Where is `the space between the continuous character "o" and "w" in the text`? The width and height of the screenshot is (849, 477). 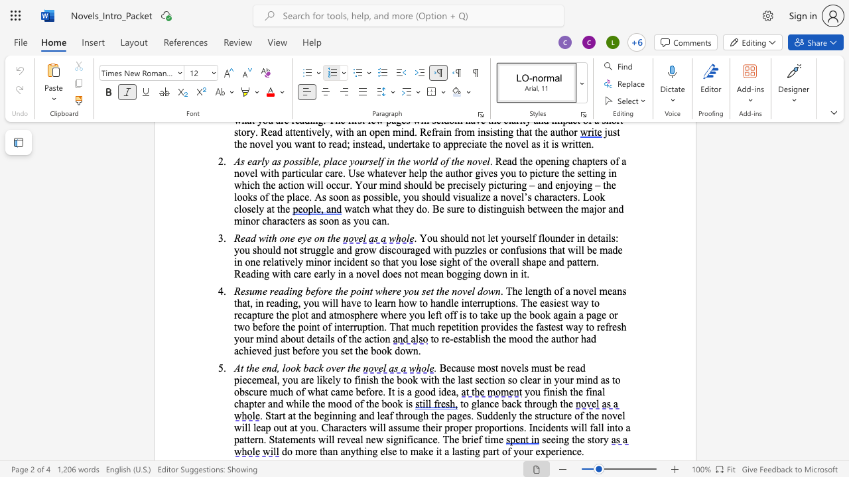
the space between the continuous character "o" and "w" in the text is located at coordinates (488, 290).